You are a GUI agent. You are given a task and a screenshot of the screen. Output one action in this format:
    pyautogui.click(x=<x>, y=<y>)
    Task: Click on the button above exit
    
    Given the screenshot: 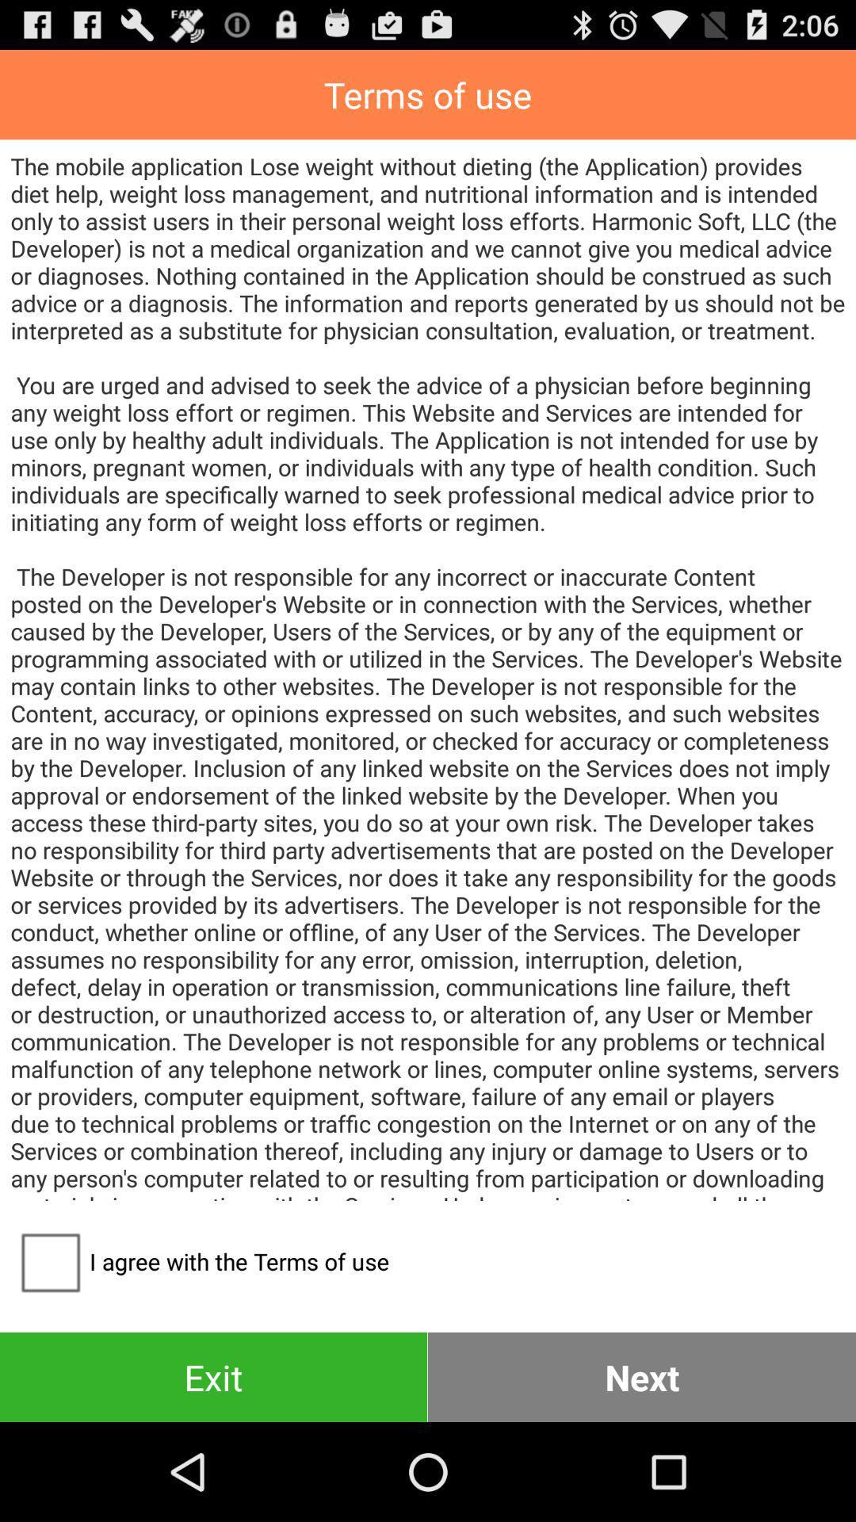 What is the action you would take?
    pyautogui.click(x=199, y=1260)
    